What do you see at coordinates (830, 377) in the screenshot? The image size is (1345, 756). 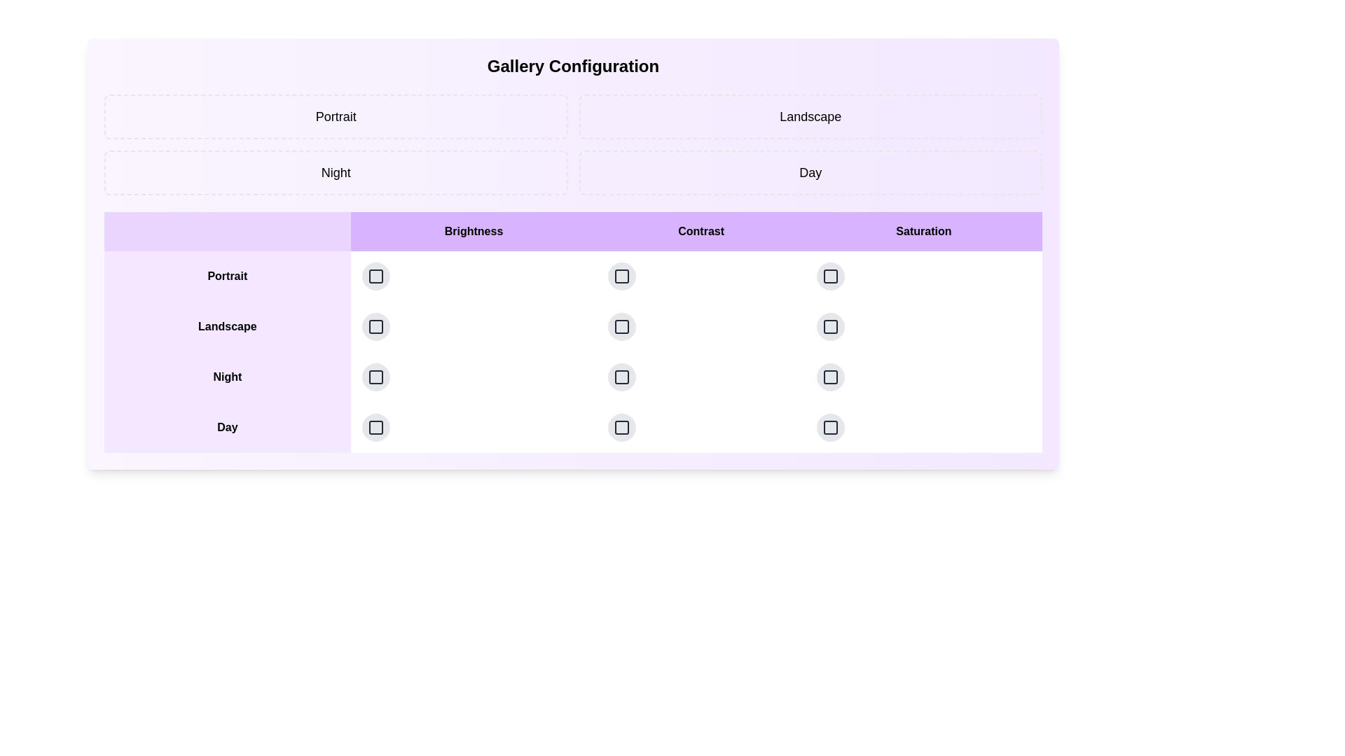 I see `the Toggle Button for 'Saturation'` at bounding box center [830, 377].